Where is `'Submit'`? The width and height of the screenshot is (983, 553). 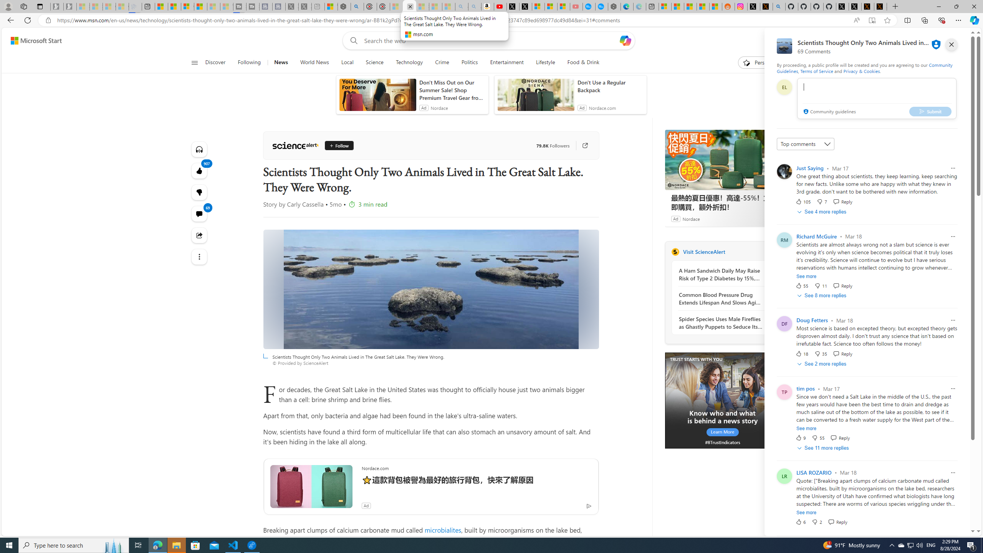 'Submit' is located at coordinates (930, 111).